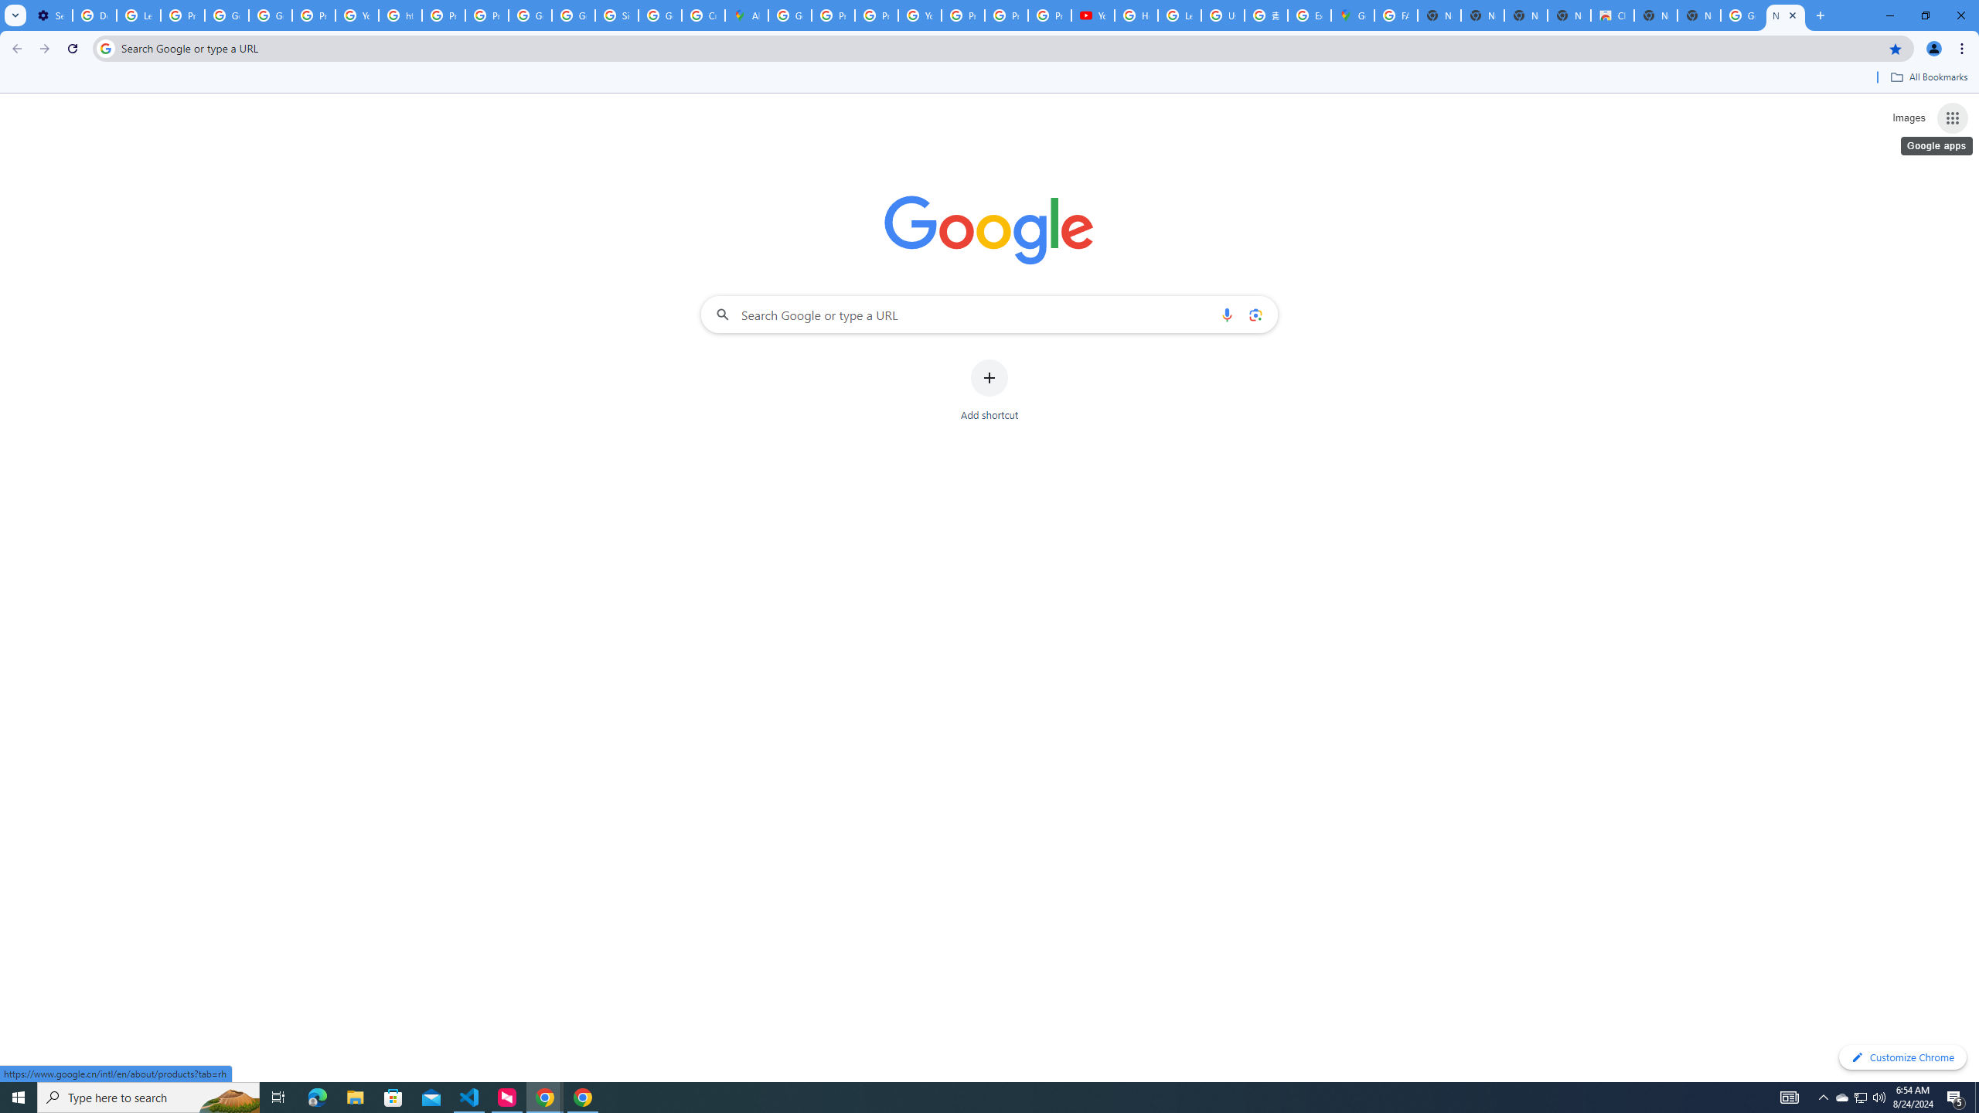 The width and height of the screenshot is (1979, 1113). I want to click on 'Google Account Help', so click(227, 15).